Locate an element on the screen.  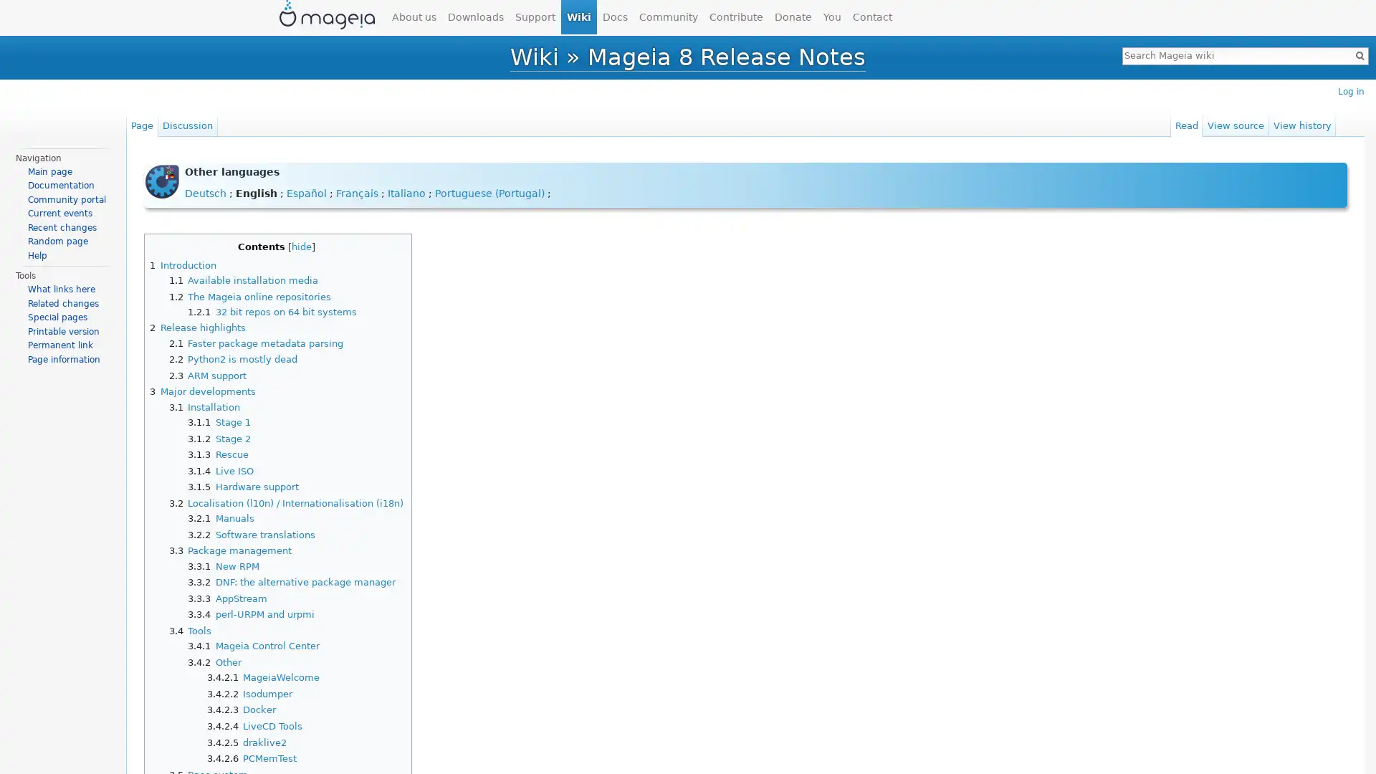
Go is located at coordinates (1359, 54).